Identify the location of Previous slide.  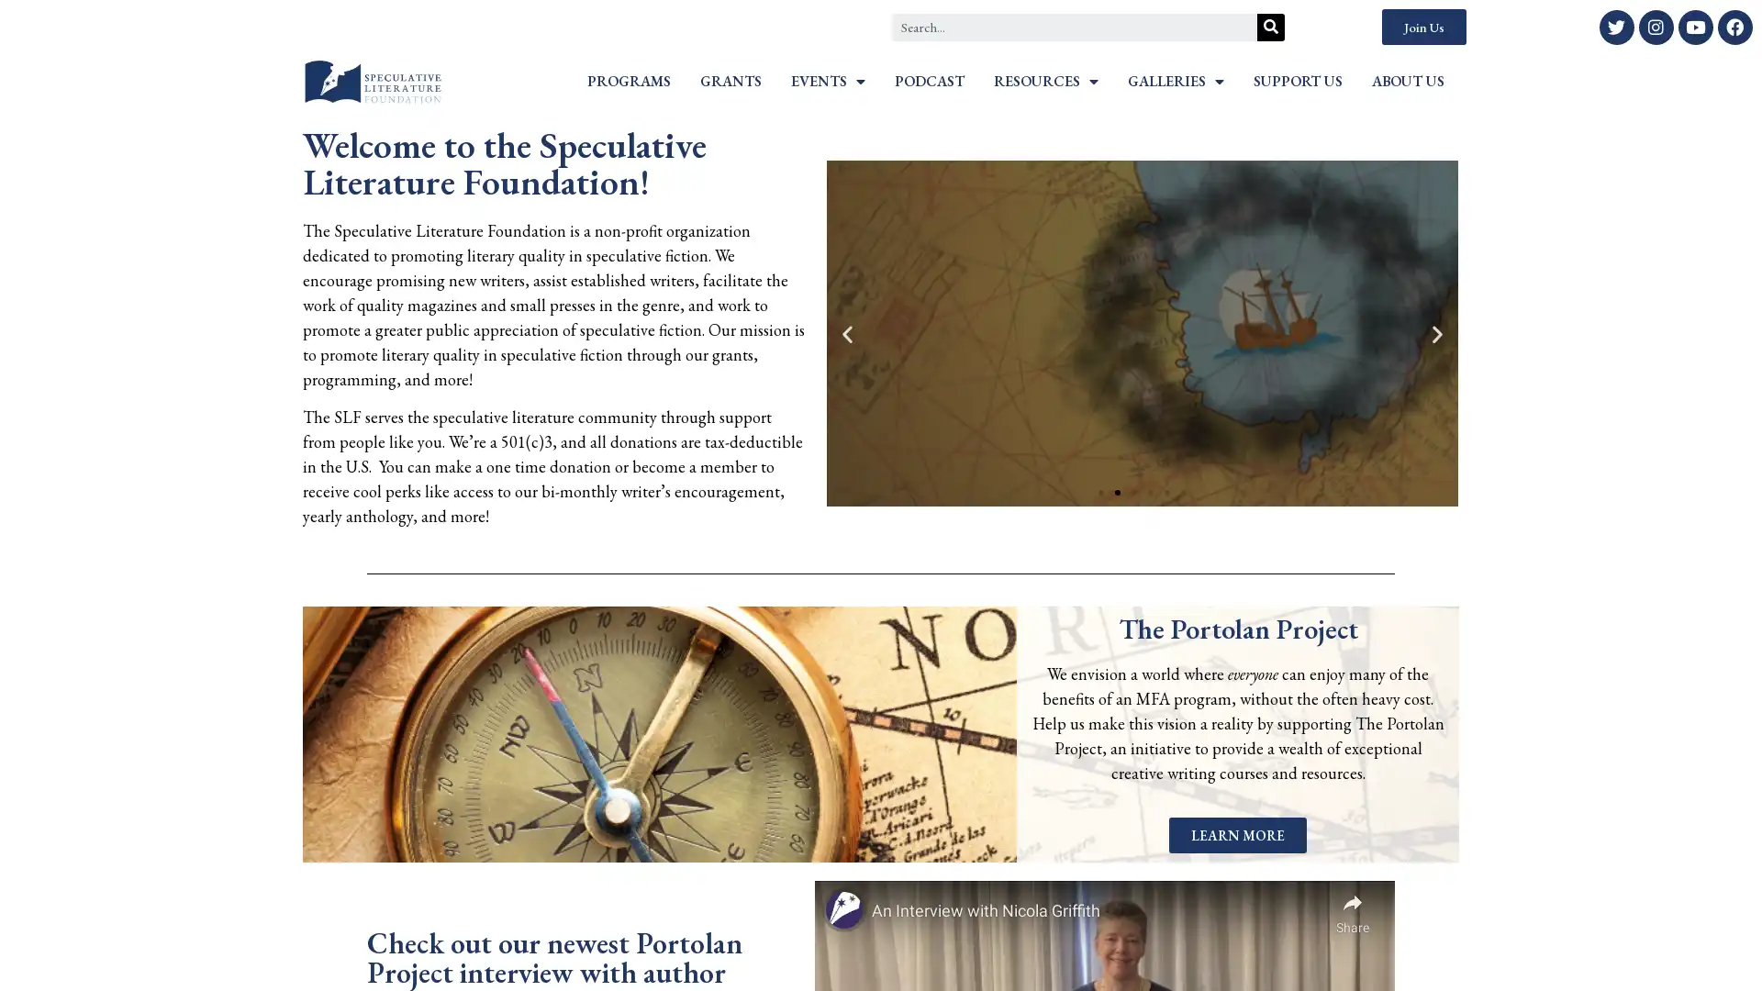
(845, 333).